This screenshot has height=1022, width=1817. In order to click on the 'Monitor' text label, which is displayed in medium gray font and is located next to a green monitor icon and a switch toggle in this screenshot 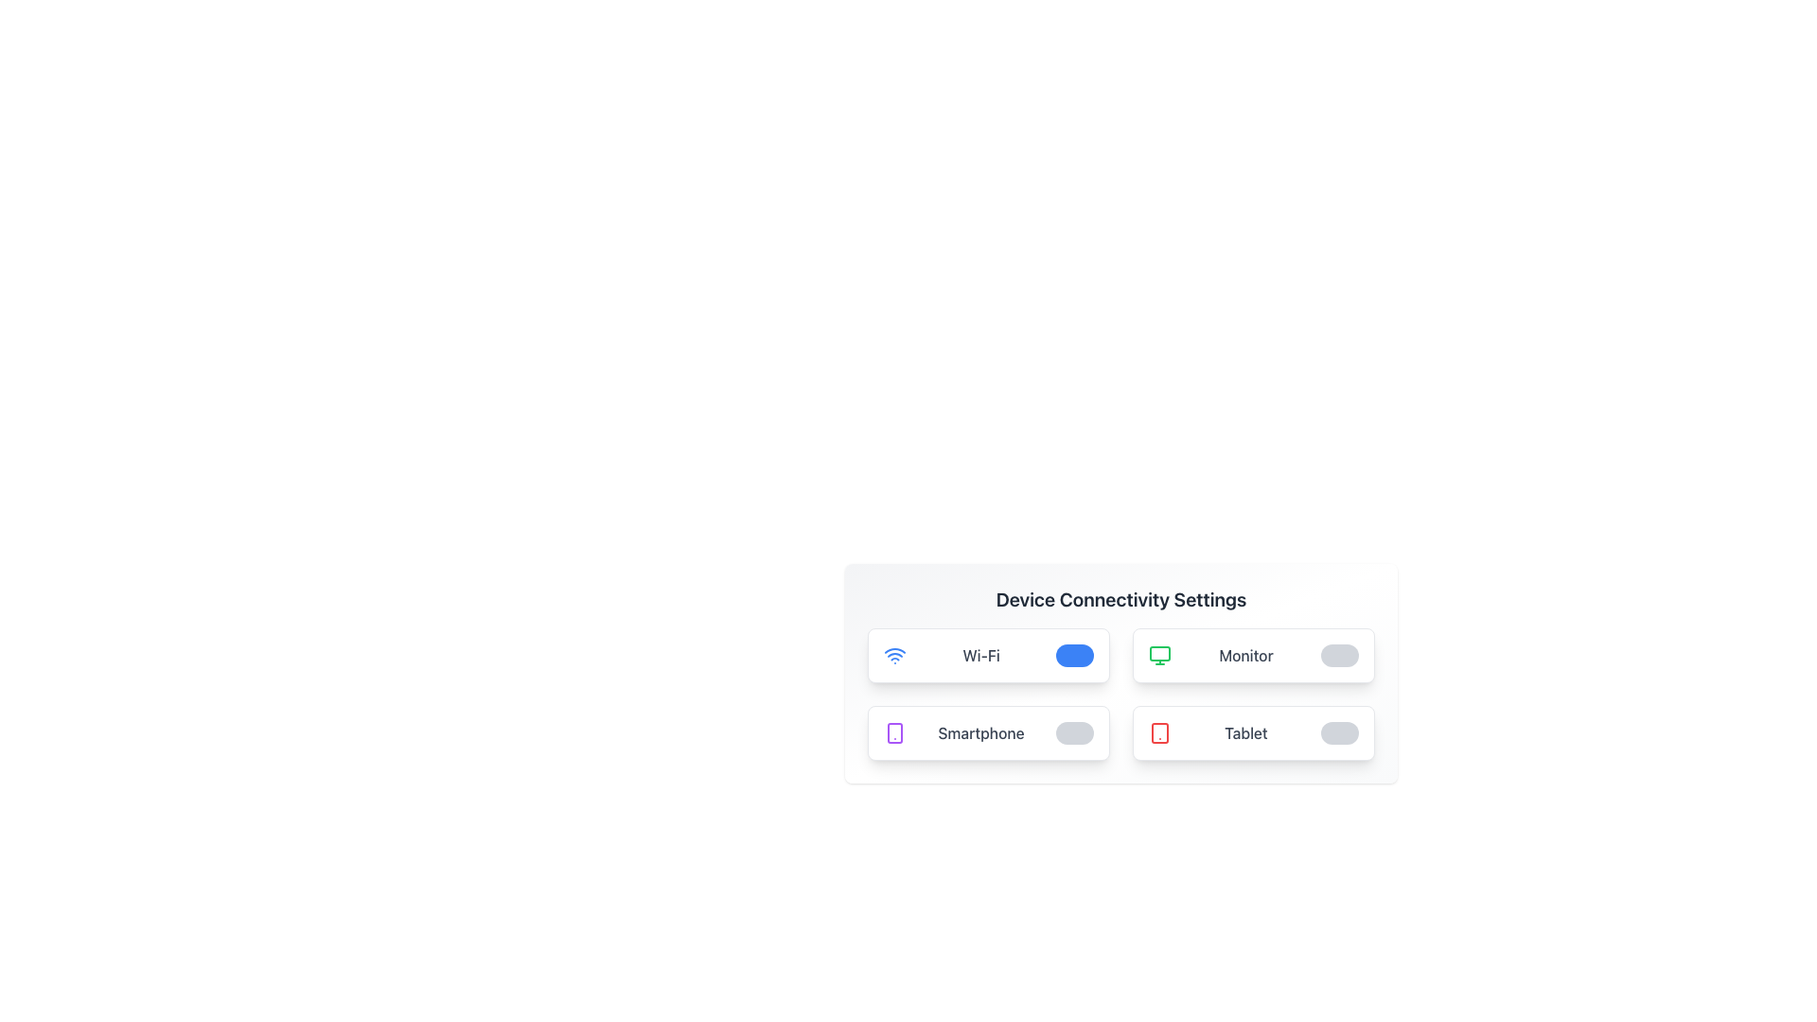, I will do `click(1245, 655)`.